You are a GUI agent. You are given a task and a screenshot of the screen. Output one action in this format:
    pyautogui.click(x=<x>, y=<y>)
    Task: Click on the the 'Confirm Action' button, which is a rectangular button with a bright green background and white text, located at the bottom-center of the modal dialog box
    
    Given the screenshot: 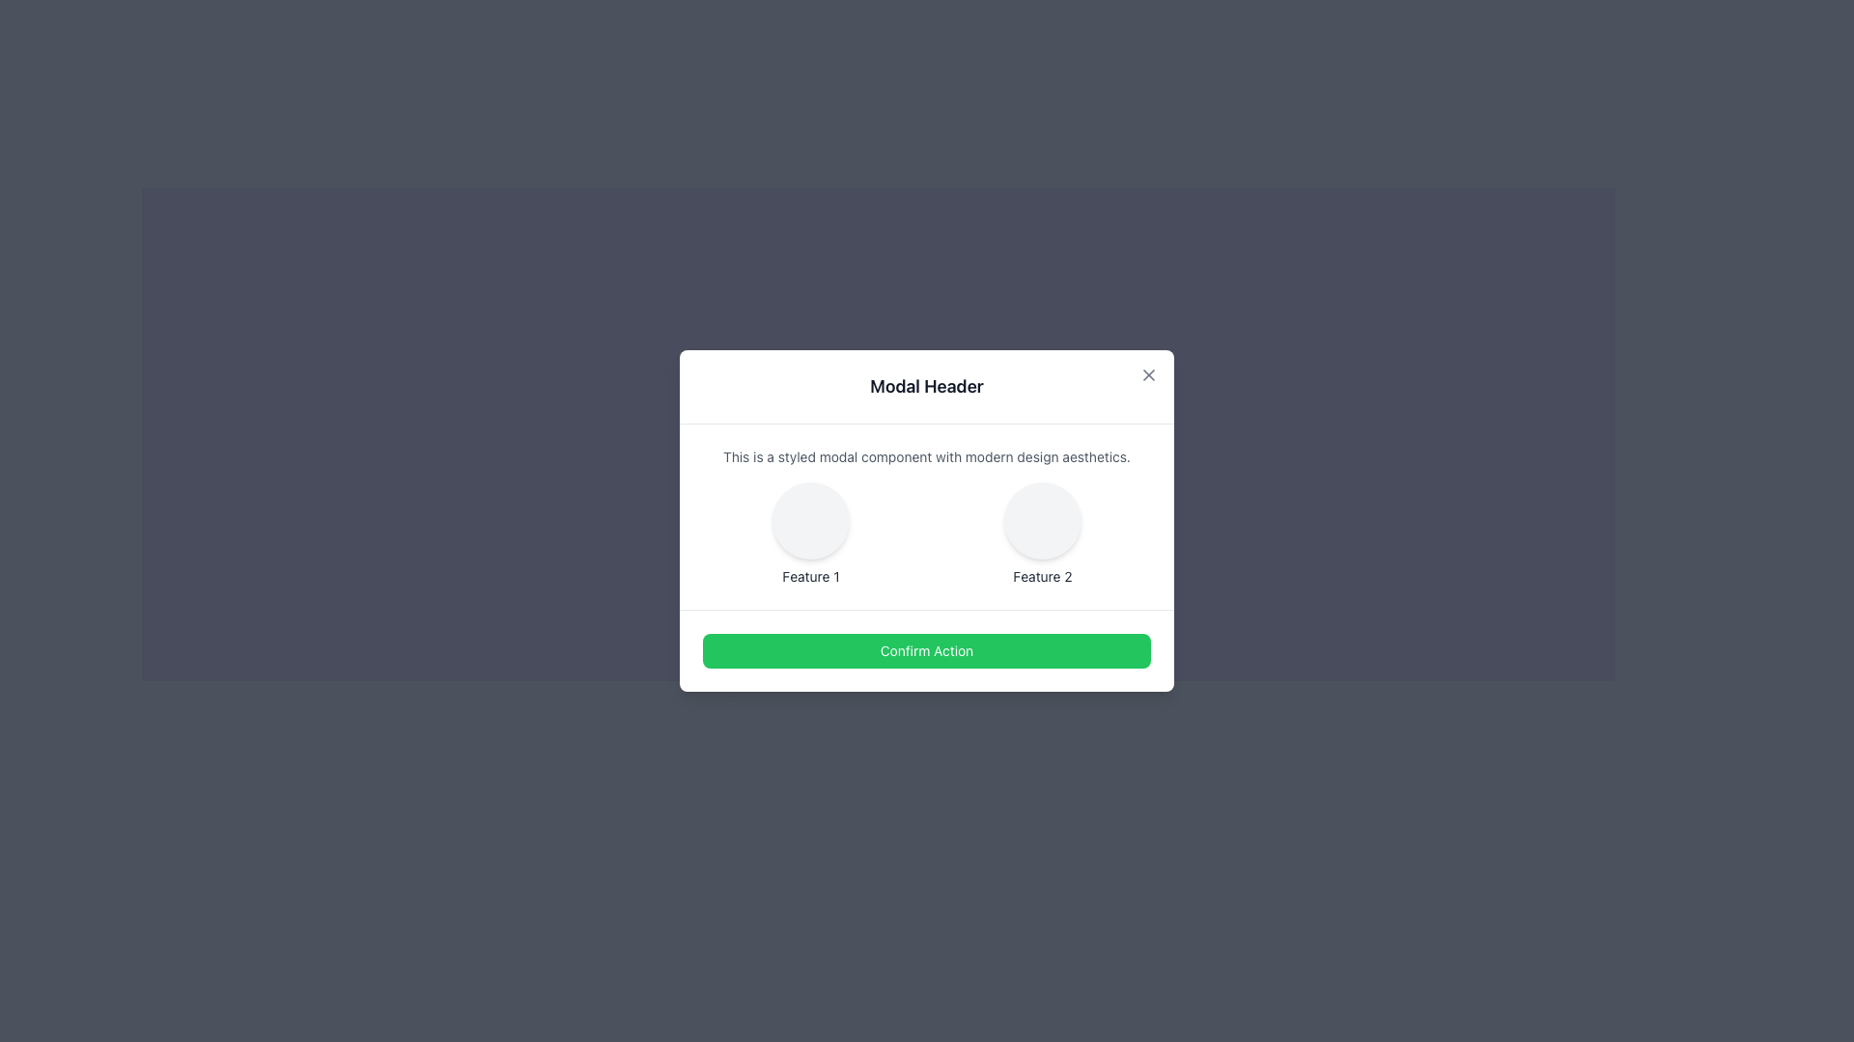 What is the action you would take?
    pyautogui.click(x=927, y=651)
    